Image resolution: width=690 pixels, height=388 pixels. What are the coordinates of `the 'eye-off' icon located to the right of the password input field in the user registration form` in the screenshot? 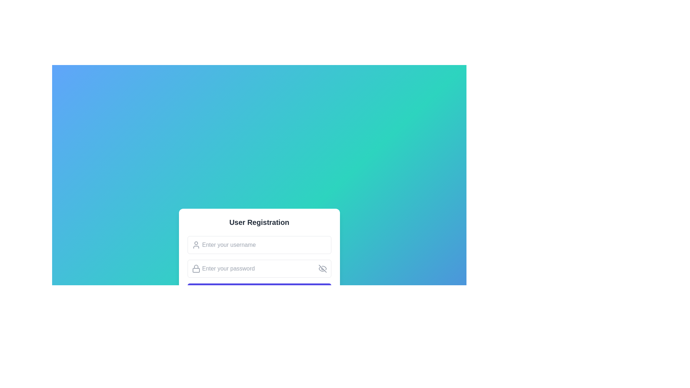 It's located at (322, 269).